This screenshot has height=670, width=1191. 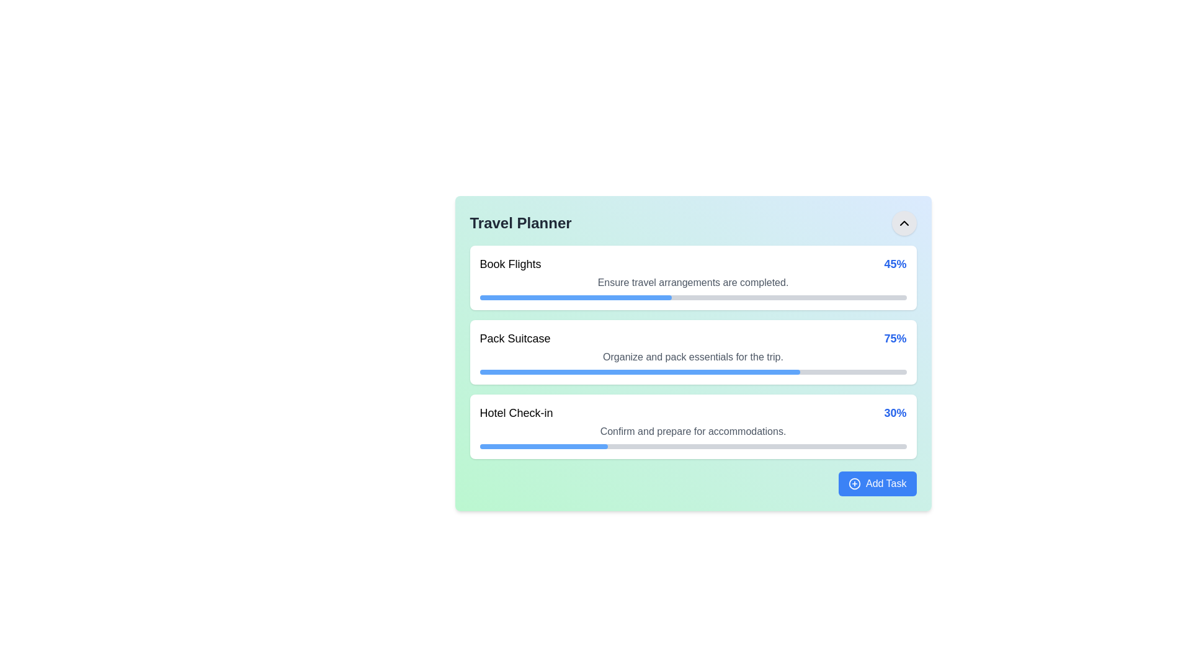 What do you see at coordinates (692, 372) in the screenshot?
I see `horizontal progress bar located within the 'Pack Suitcase' section of the task card, which has a gray background and a blue foreground indicating progress` at bounding box center [692, 372].